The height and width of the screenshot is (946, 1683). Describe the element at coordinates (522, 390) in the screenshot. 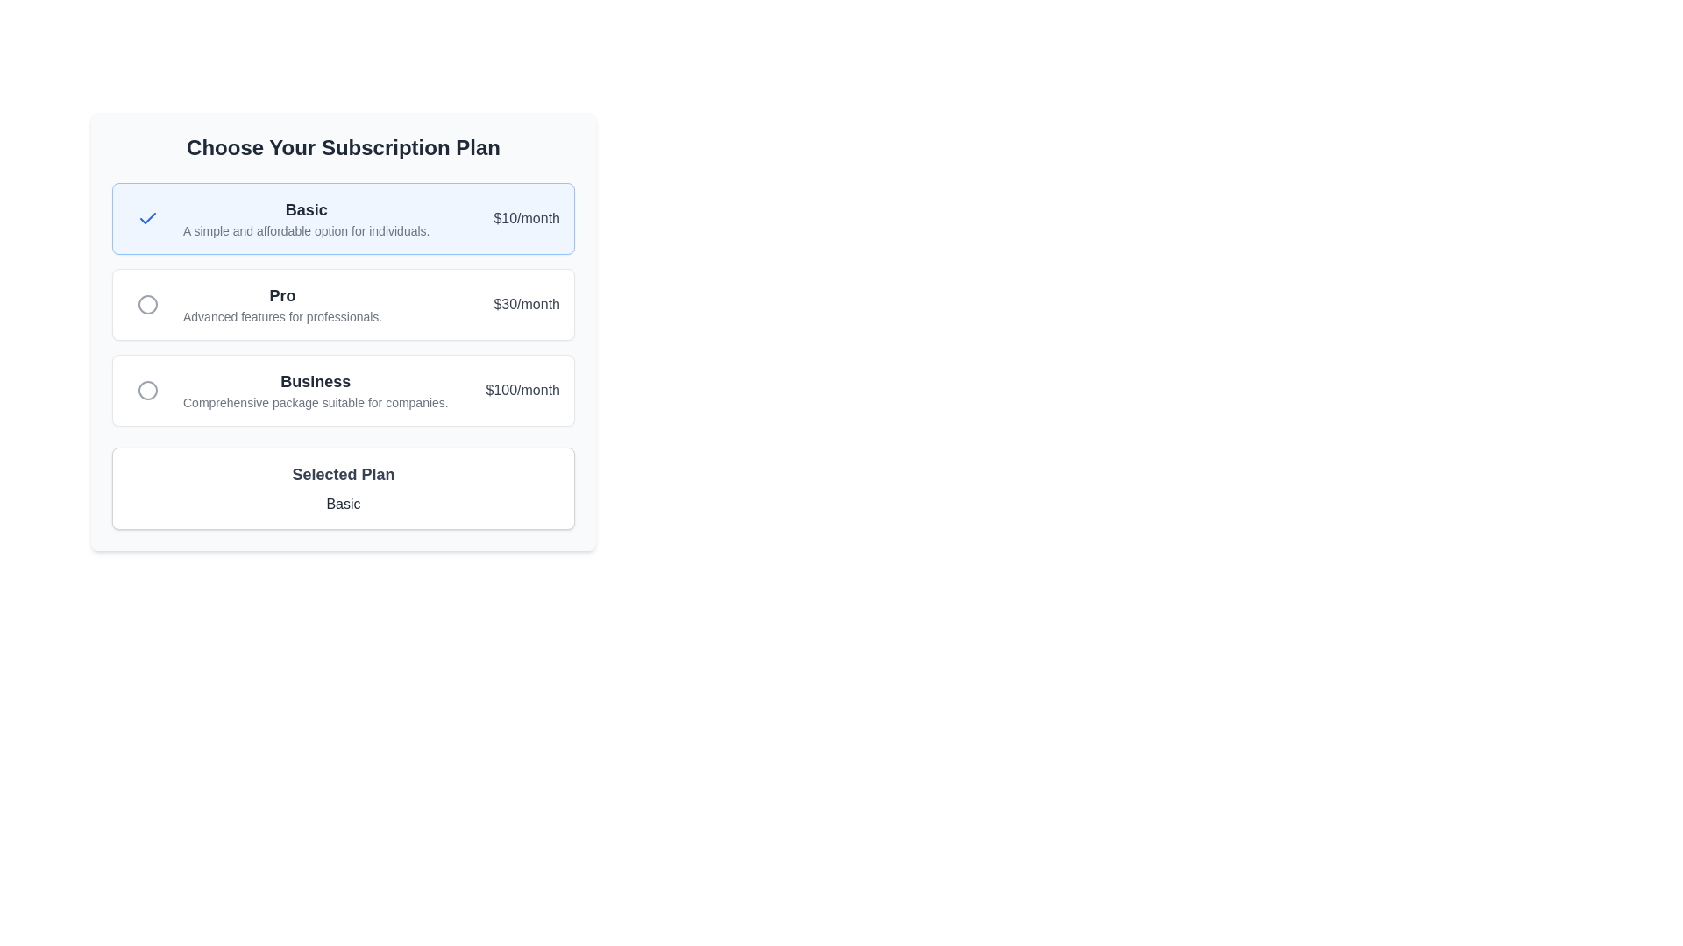

I see `pricing information text for the 'Business' subscription plan located within the 'Business' subscription option card, positioned to the right of the descriptive text` at that location.